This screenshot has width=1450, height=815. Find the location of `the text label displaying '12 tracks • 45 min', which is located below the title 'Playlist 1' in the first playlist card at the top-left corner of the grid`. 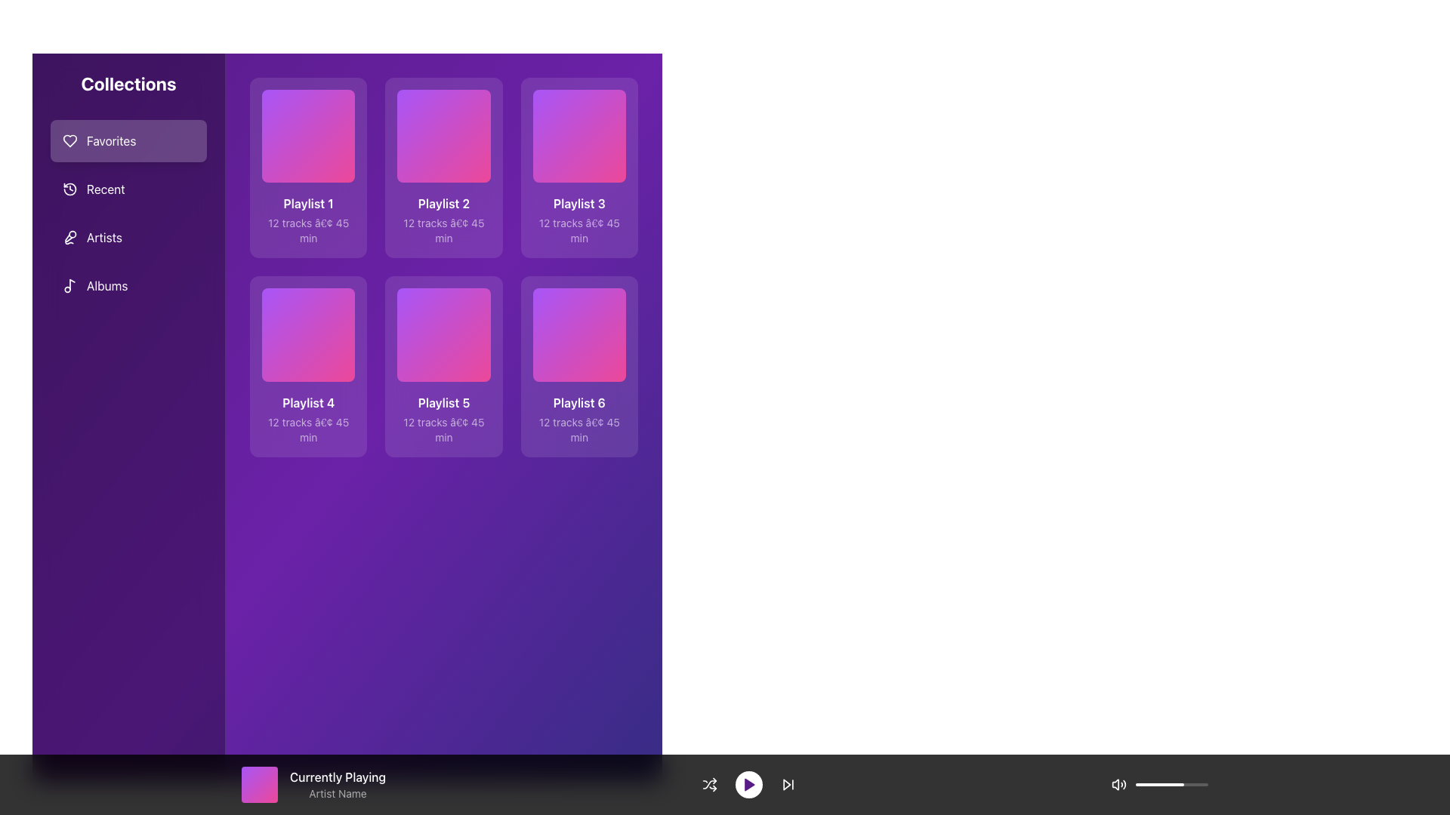

the text label displaying '12 tracks • 45 min', which is located below the title 'Playlist 1' in the first playlist card at the top-left corner of the grid is located at coordinates (307, 231).